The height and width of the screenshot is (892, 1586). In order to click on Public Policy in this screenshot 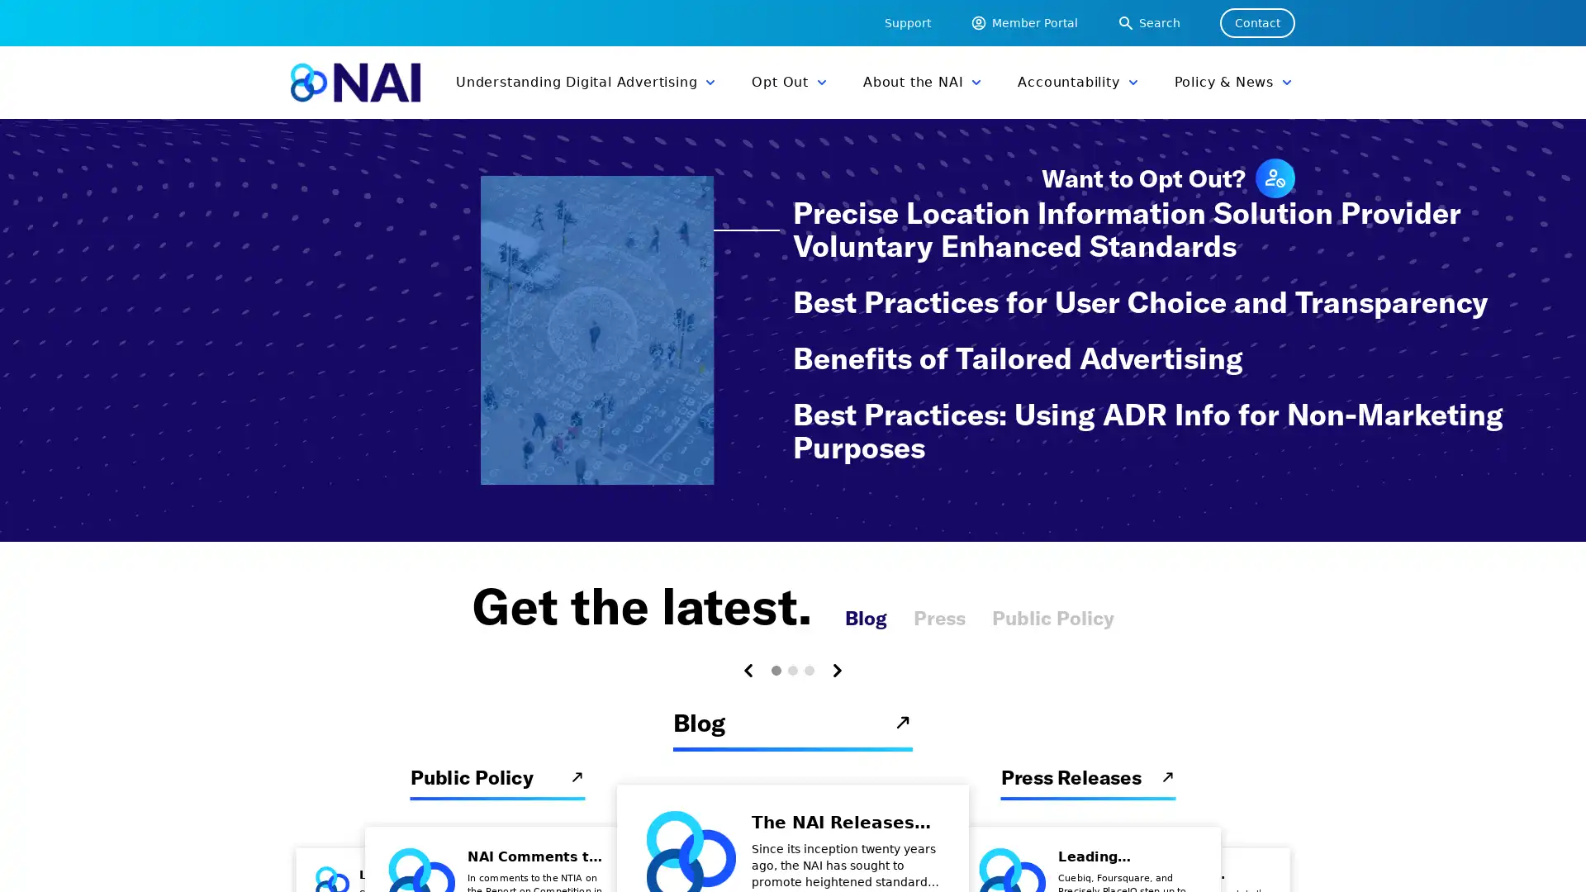, I will do `click(1051, 618)`.